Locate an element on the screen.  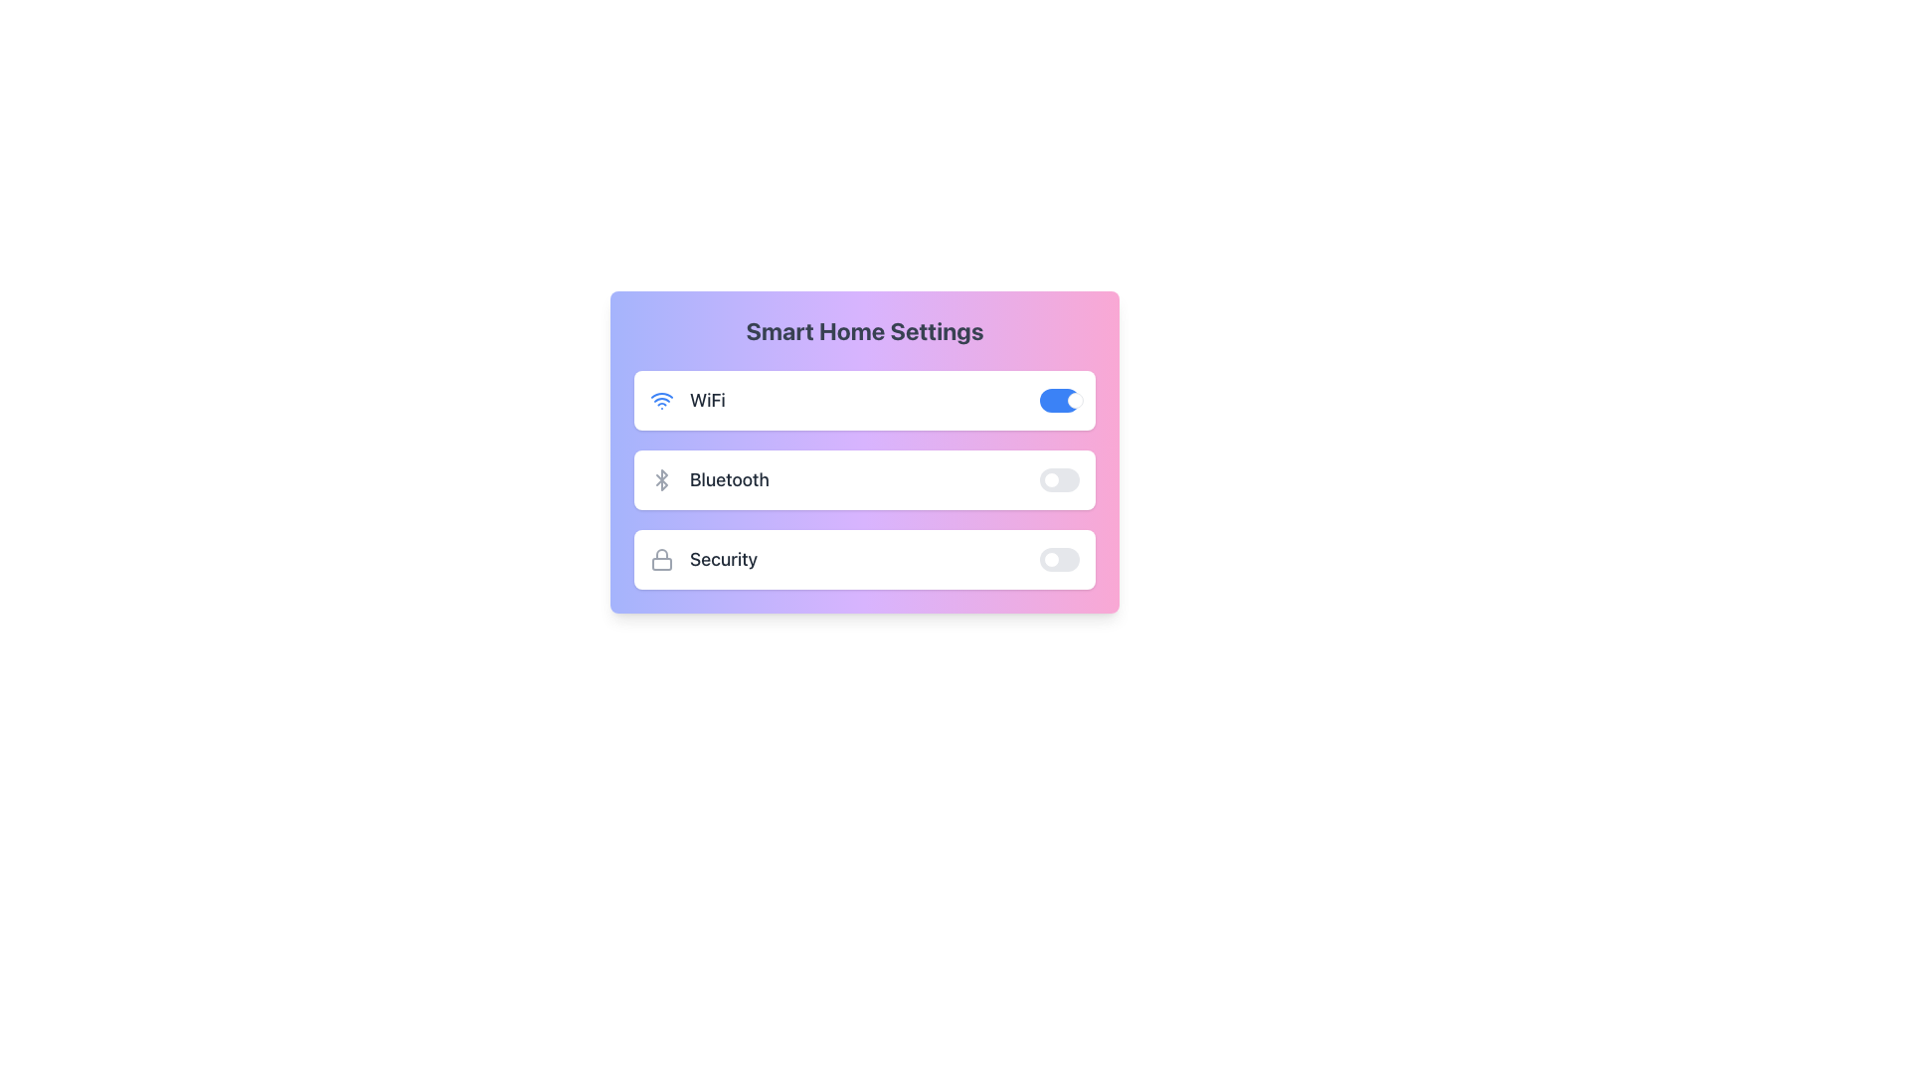
the toggle switch in the 'Security' option row of the 'Smart Home Settings' section is located at coordinates (1058, 560).